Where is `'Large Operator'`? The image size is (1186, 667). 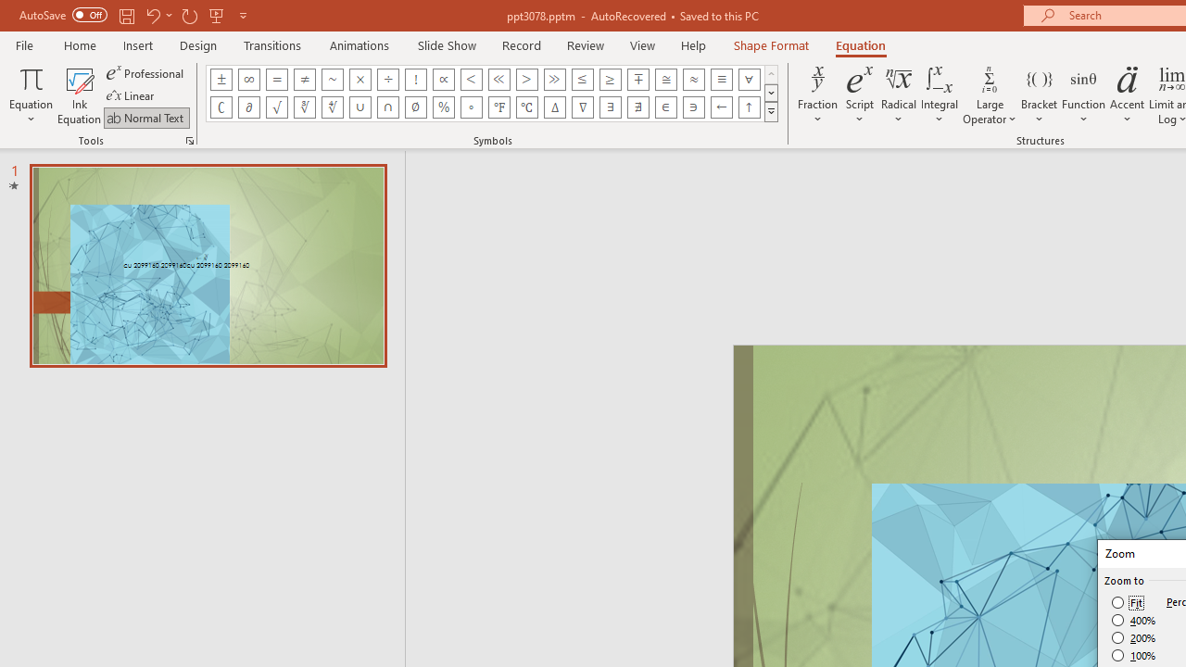
'Large Operator' is located at coordinates (989, 95).